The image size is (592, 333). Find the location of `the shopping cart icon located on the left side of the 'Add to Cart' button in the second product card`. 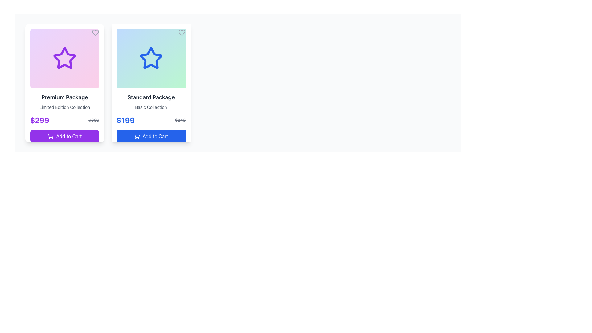

the shopping cart icon located on the left side of the 'Add to Cart' button in the second product card is located at coordinates (137, 136).